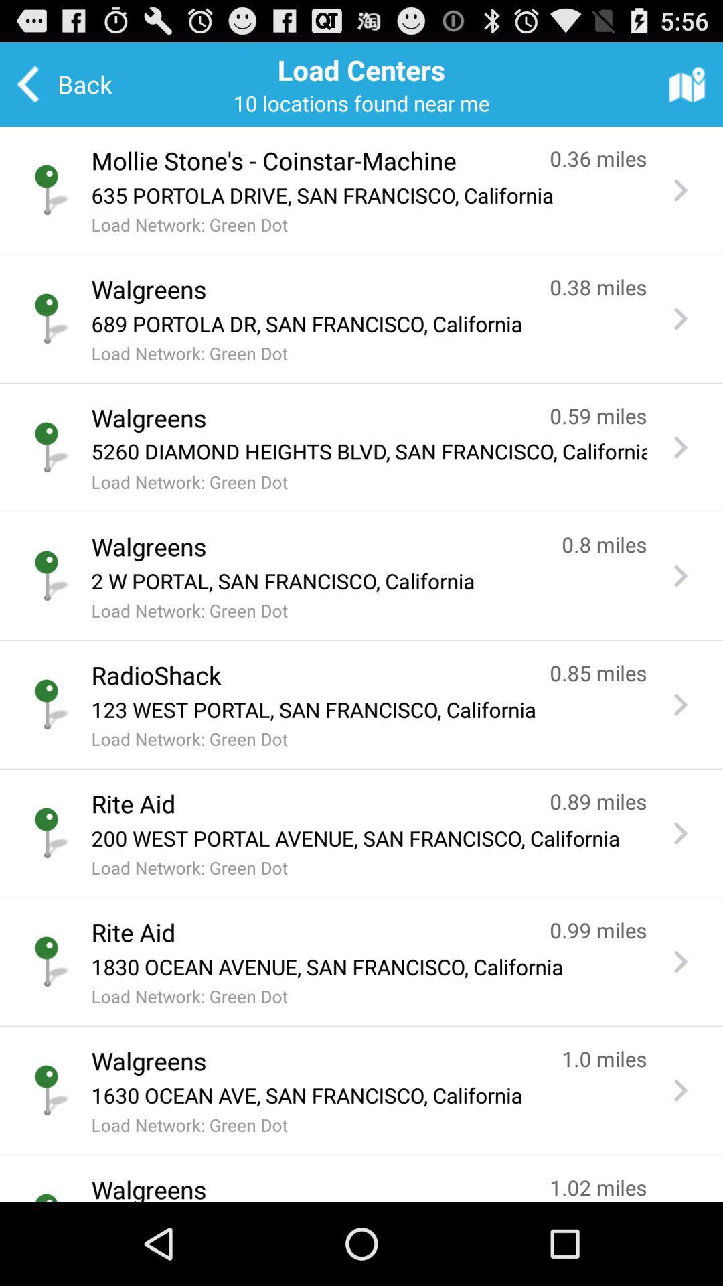 This screenshot has width=723, height=1286. I want to click on item next to 0.85 miles app, so click(307, 675).